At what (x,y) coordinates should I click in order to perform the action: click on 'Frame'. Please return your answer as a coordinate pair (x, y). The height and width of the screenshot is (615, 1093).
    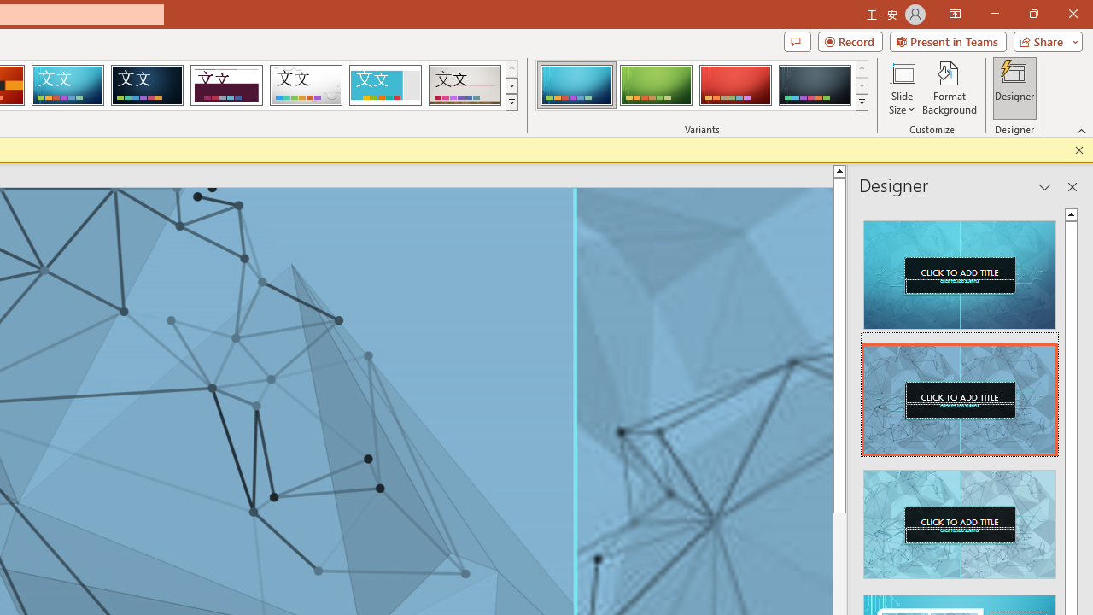
    Looking at the image, I should click on (384, 85).